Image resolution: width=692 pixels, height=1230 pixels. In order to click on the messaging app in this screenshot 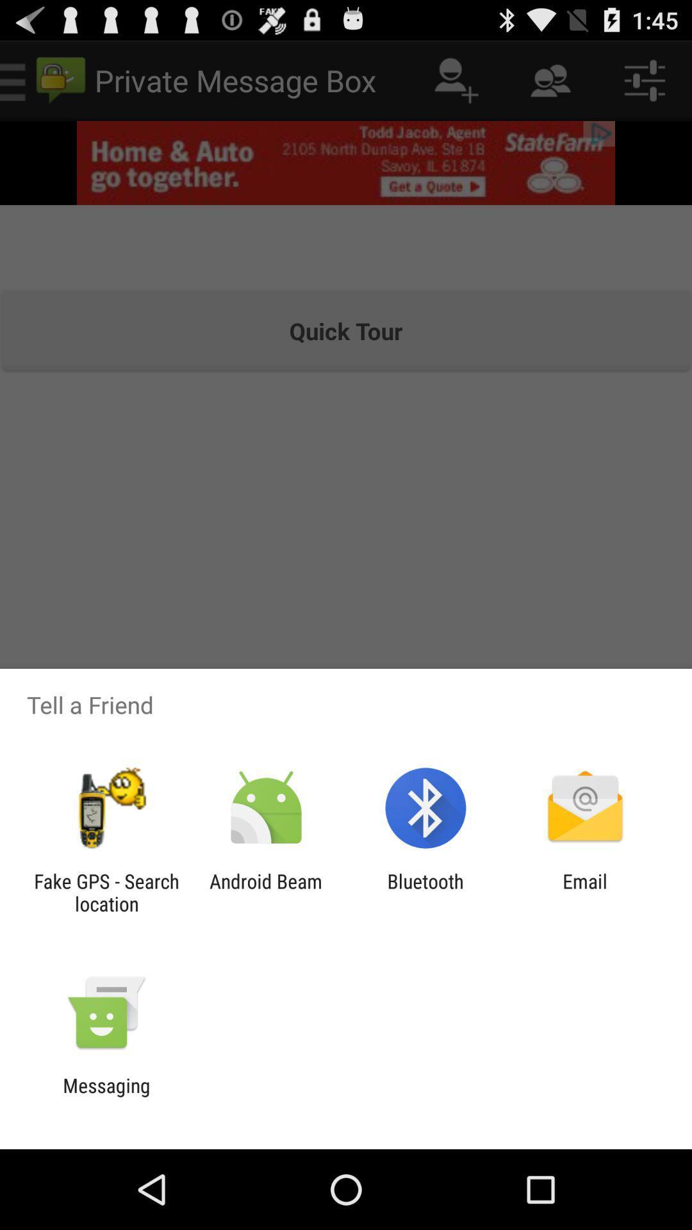, I will do `click(106, 1096)`.